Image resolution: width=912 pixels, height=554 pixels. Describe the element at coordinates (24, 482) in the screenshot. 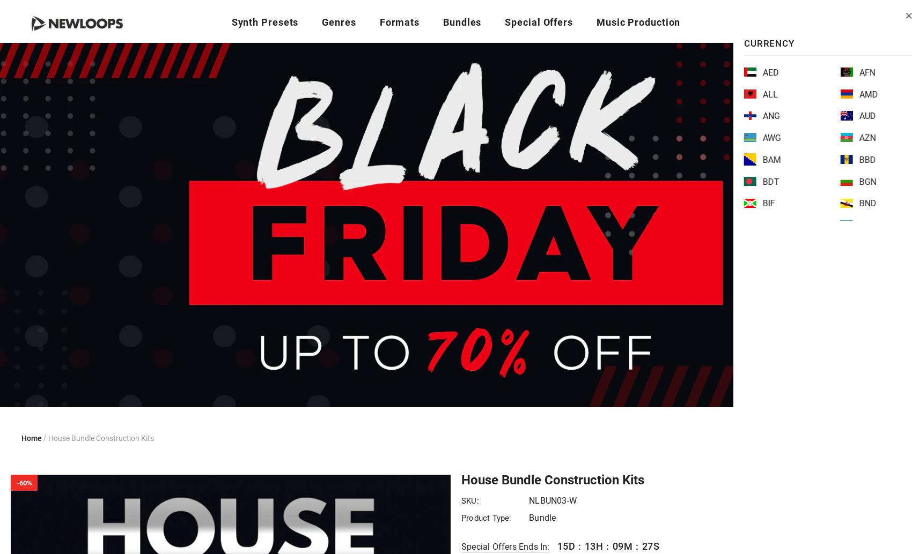

I see `'-60%'` at that location.